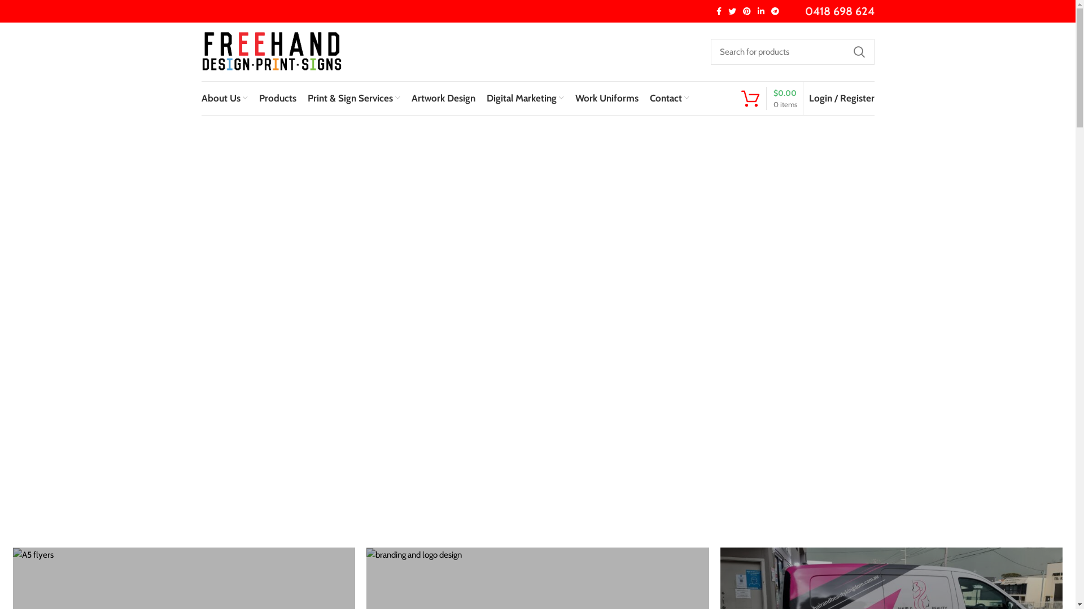 This screenshot has width=1084, height=609. What do you see at coordinates (195, 97) in the screenshot?
I see `'About Us'` at bounding box center [195, 97].